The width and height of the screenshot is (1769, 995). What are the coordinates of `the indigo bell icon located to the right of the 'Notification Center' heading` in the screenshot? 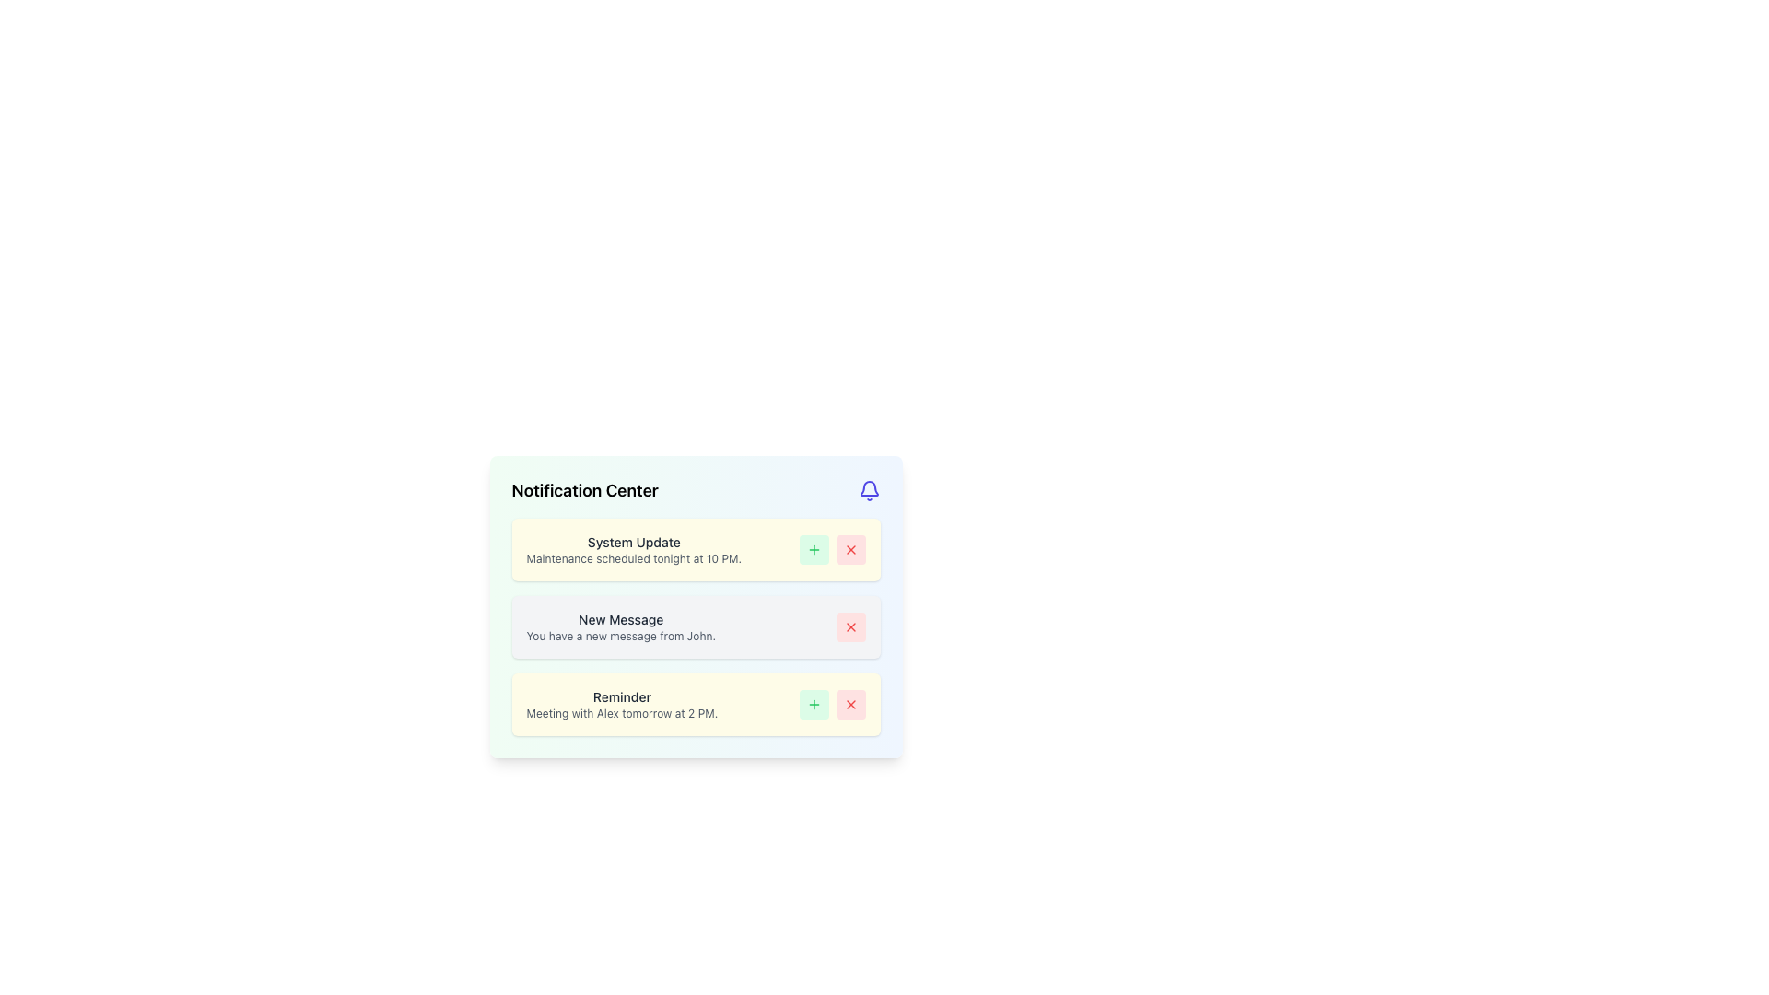 It's located at (868, 489).